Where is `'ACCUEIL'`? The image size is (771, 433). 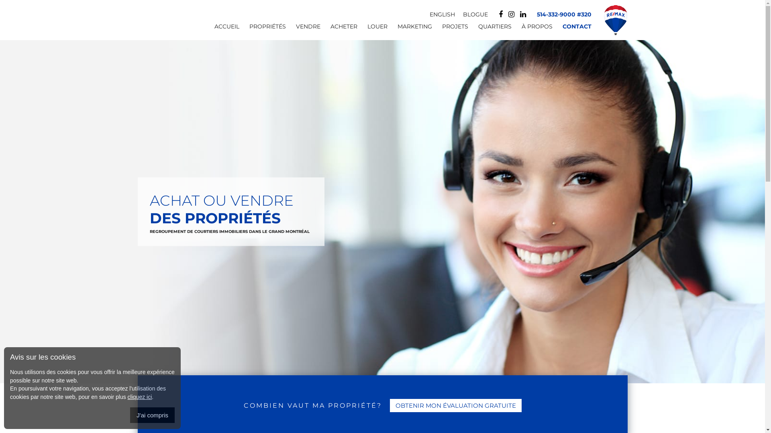
'ACCUEIL' is located at coordinates (221, 29).